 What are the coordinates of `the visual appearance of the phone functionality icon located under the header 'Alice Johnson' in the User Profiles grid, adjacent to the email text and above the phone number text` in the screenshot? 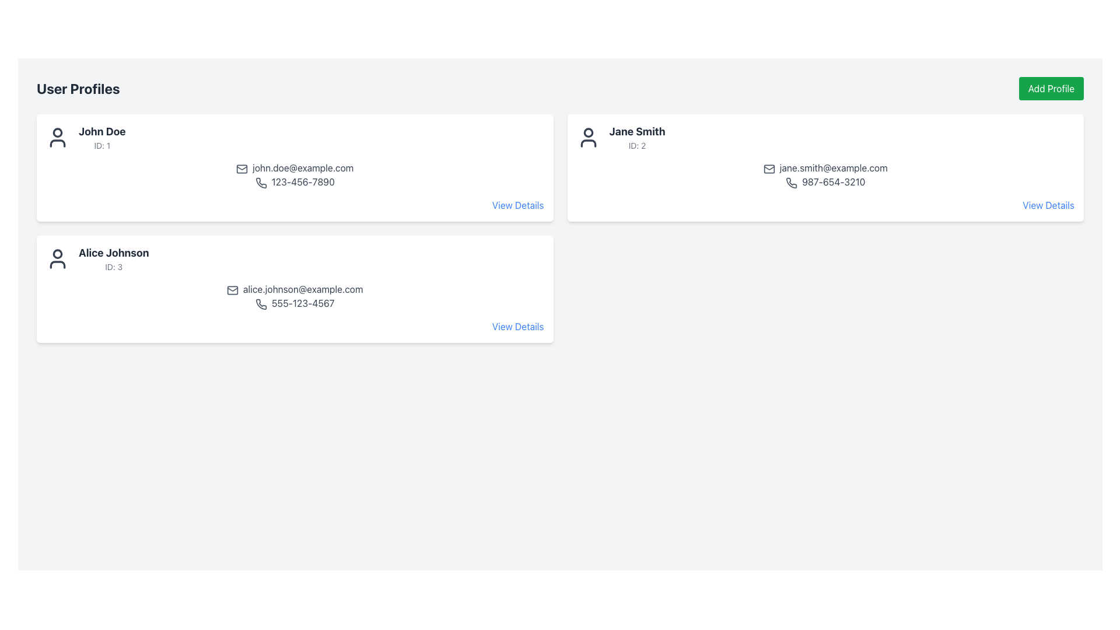 It's located at (260, 303).